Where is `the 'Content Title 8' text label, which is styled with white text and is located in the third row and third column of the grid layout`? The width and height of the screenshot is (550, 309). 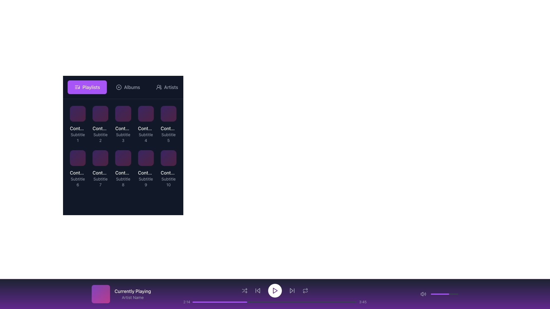 the 'Content Title 8' text label, which is styled with white text and is located in the third row and third column of the grid layout is located at coordinates (123, 173).